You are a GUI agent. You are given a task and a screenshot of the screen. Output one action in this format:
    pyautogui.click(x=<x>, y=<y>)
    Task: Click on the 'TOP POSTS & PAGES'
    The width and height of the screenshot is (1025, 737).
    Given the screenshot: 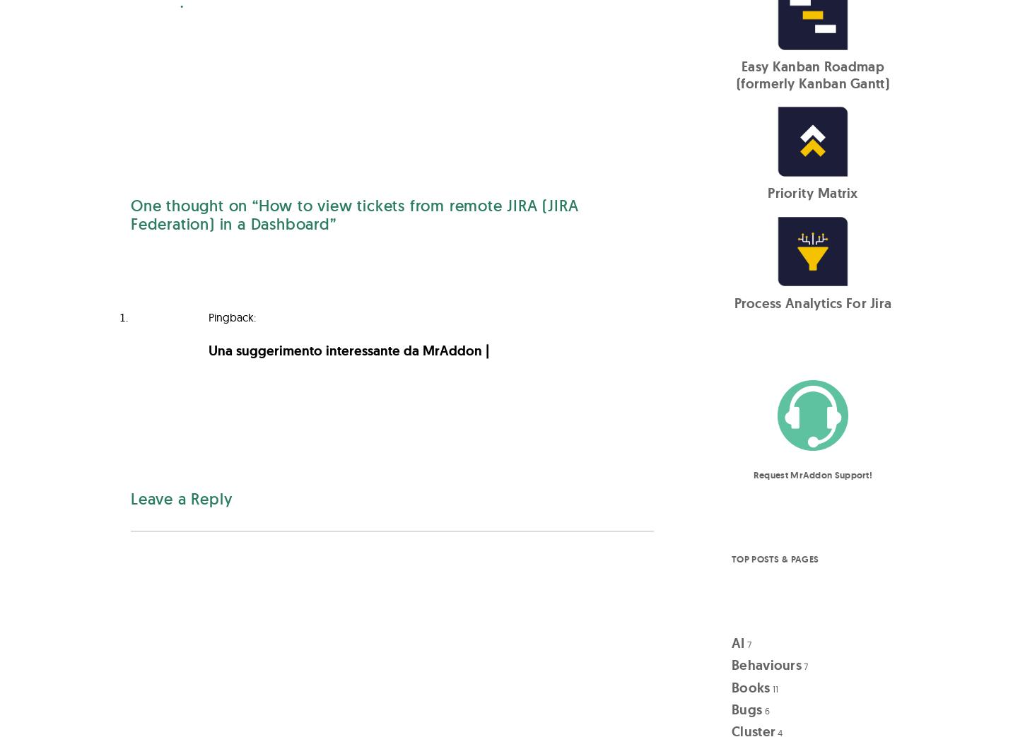 What is the action you would take?
    pyautogui.click(x=732, y=558)
    